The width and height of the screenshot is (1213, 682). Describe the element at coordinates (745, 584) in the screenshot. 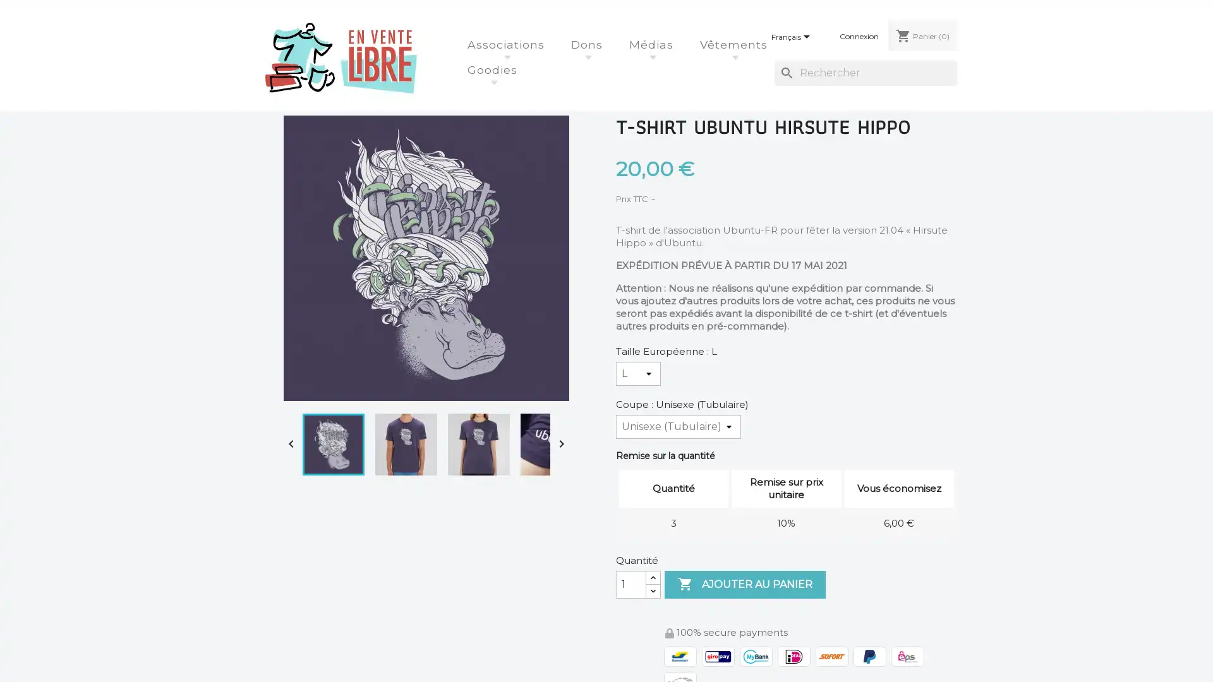

I see `AJOUTER AU PANIER` at that location.